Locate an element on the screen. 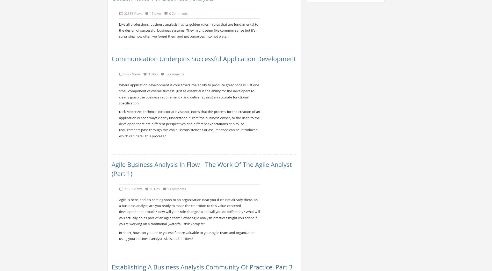 The width and height of the screenshot is (492, 271). 'In short, how can you make yourself more valuable to your agile team and organization using your business analysis skills and abilities?' is located at coordinates (187, 235).